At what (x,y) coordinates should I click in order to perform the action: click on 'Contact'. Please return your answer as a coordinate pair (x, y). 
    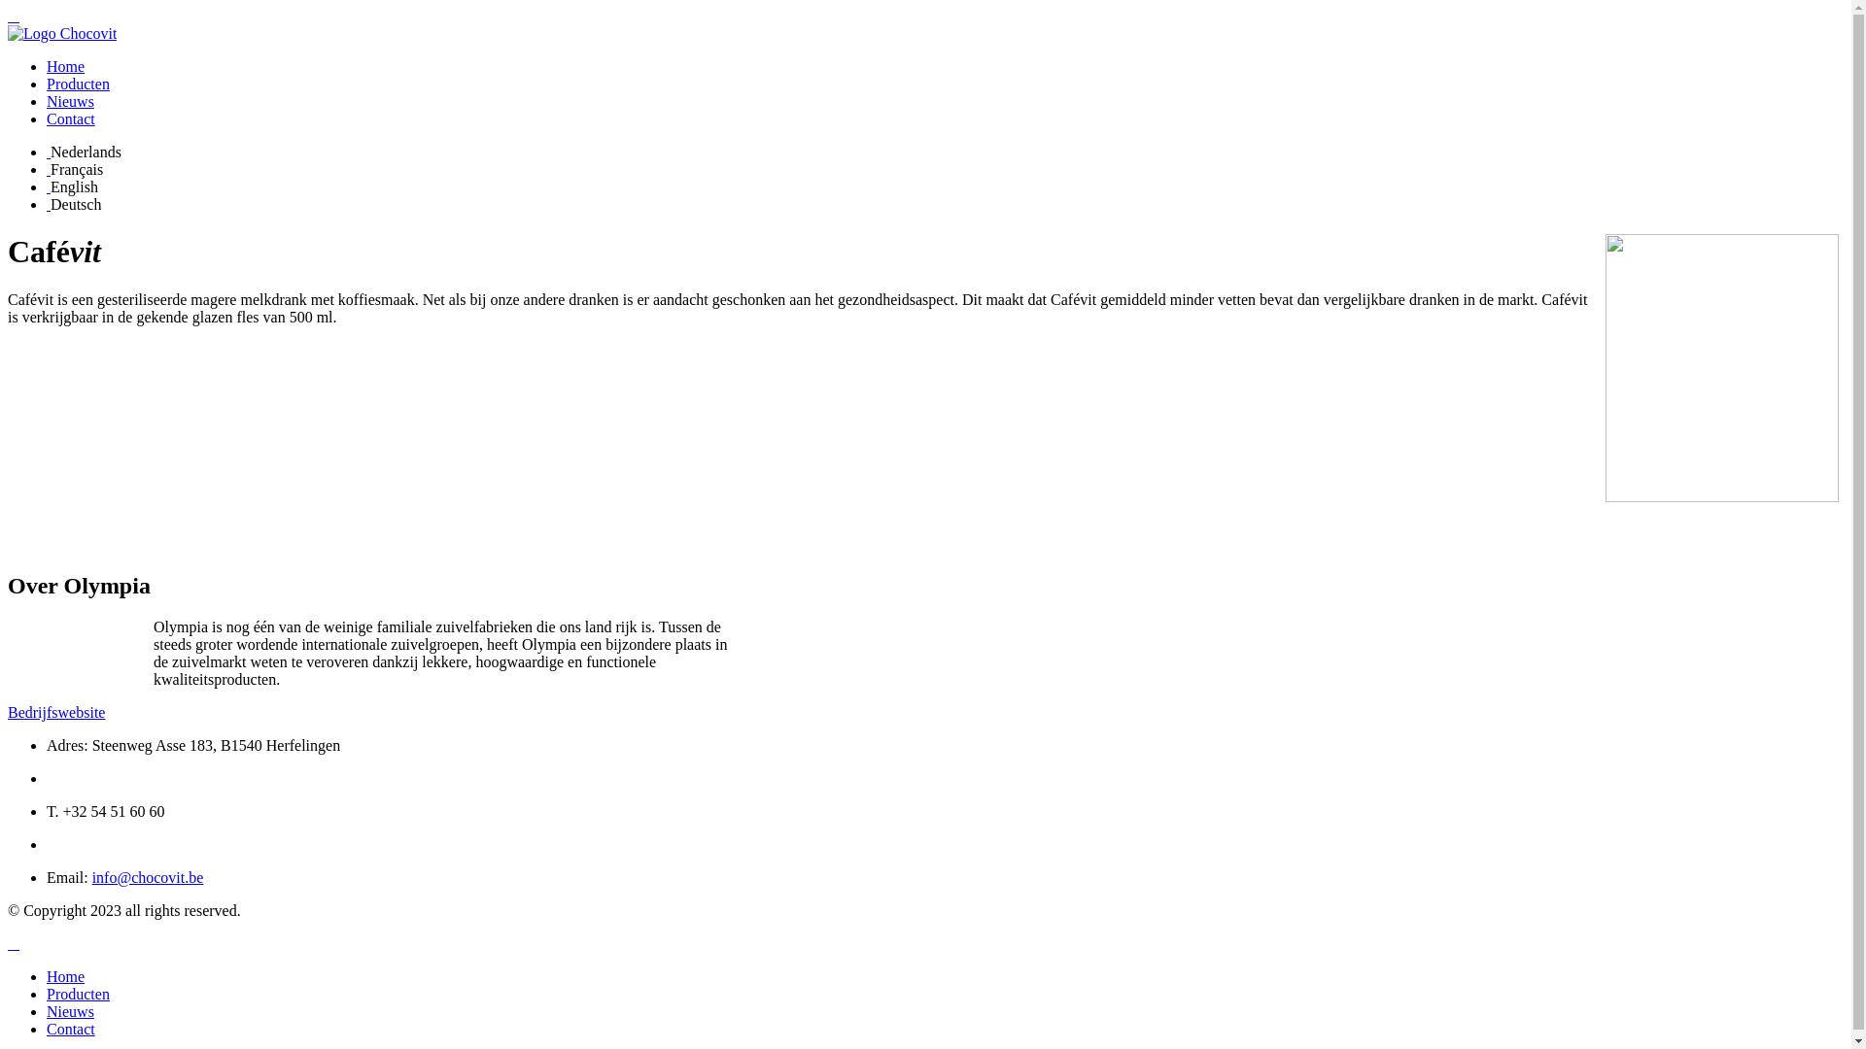
    Looking at the image, I should click on (70, 1028).